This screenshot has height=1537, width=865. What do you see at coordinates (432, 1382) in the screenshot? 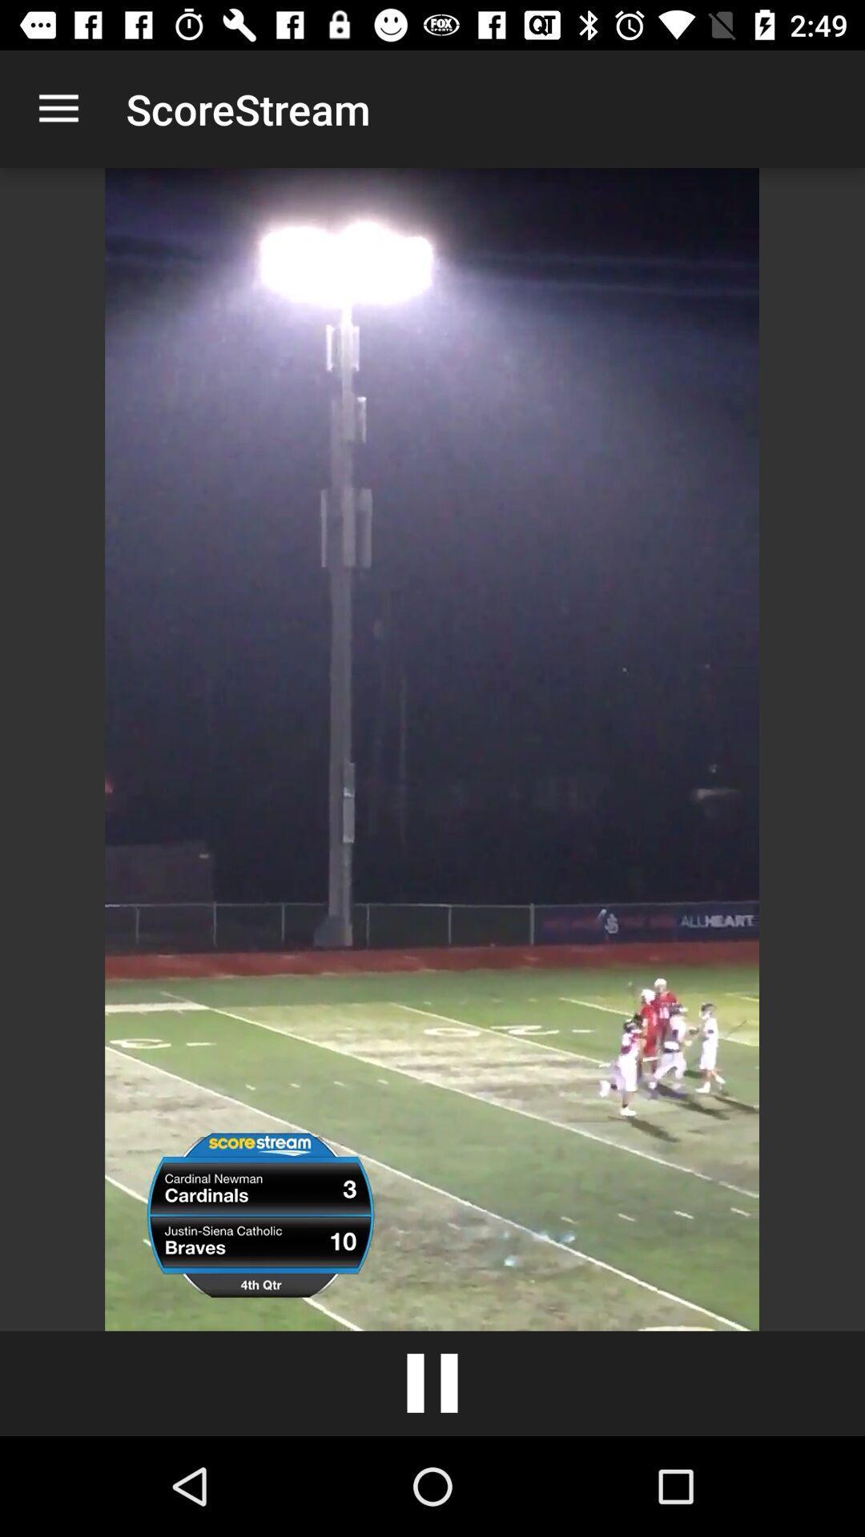
I see `pause` at bounding box center [432, 1382].